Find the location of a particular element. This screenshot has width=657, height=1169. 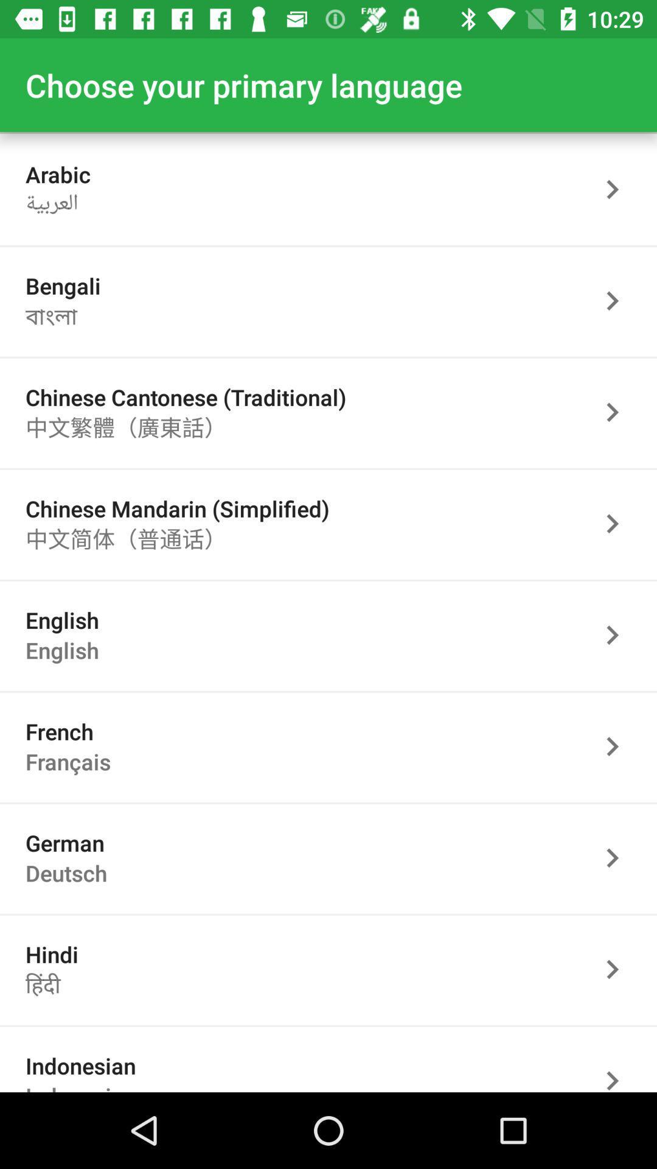

go back is located at coordinates (619, 524).